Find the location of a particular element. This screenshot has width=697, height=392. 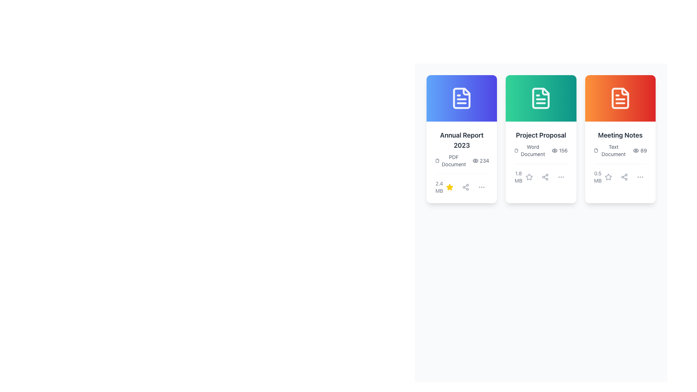

text label that displays 'Project Proposal' in bold dark gray font located on the middle card with a green background is located at coordinates (541, 135).